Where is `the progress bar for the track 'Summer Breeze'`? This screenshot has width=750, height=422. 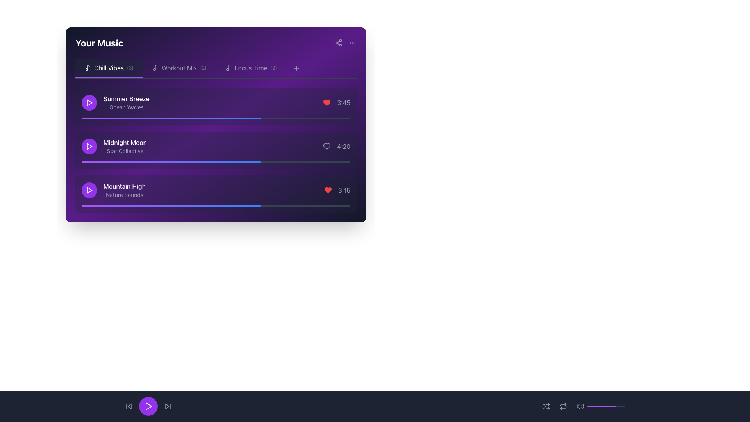 the progress bar for the track 'Summer Breeze' is located at coordinates (216, 118).